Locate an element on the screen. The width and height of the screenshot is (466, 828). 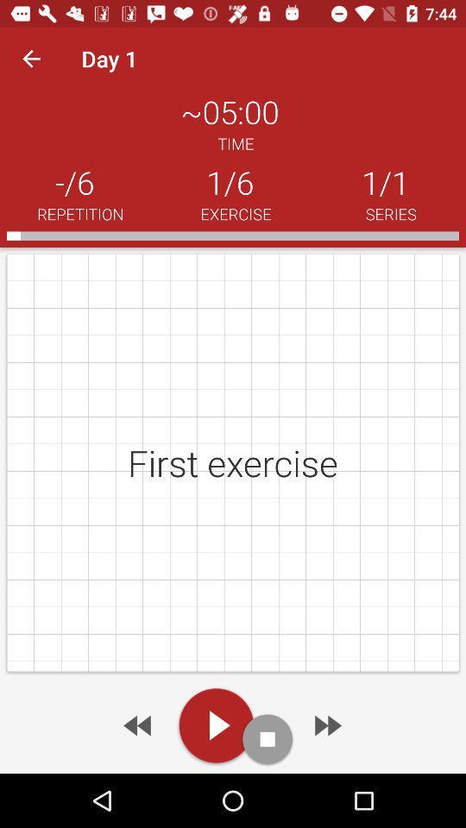
go back is located at coordinates (138, 724).